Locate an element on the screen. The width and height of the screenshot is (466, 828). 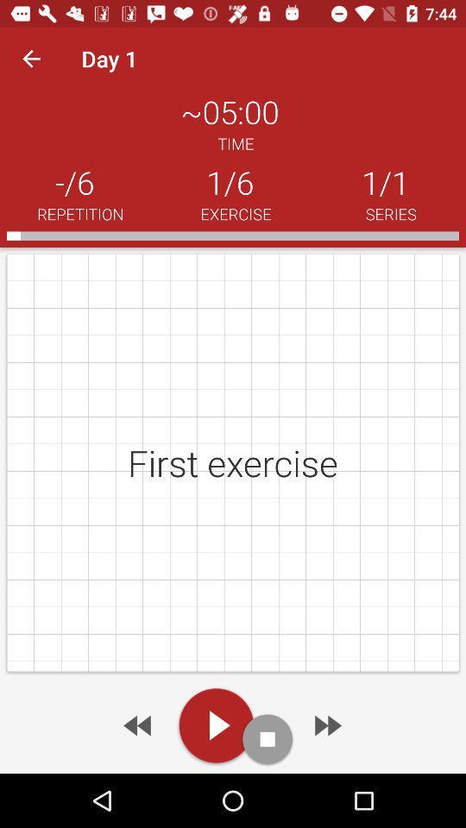
go back is located at coordinates (138, 724).